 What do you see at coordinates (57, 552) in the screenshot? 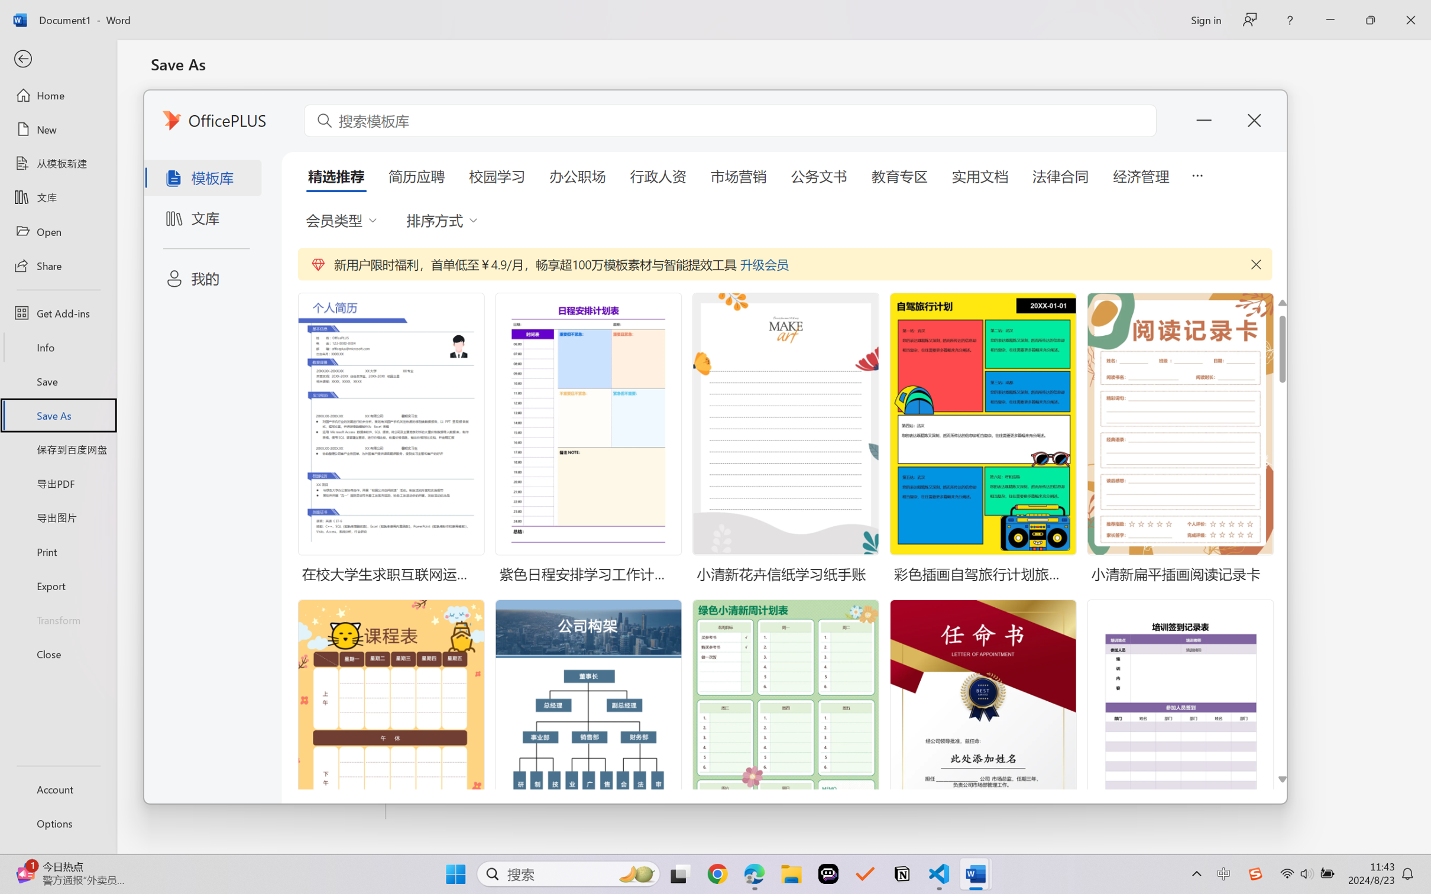
I see `'Print'` at bounding box center [57, 552].